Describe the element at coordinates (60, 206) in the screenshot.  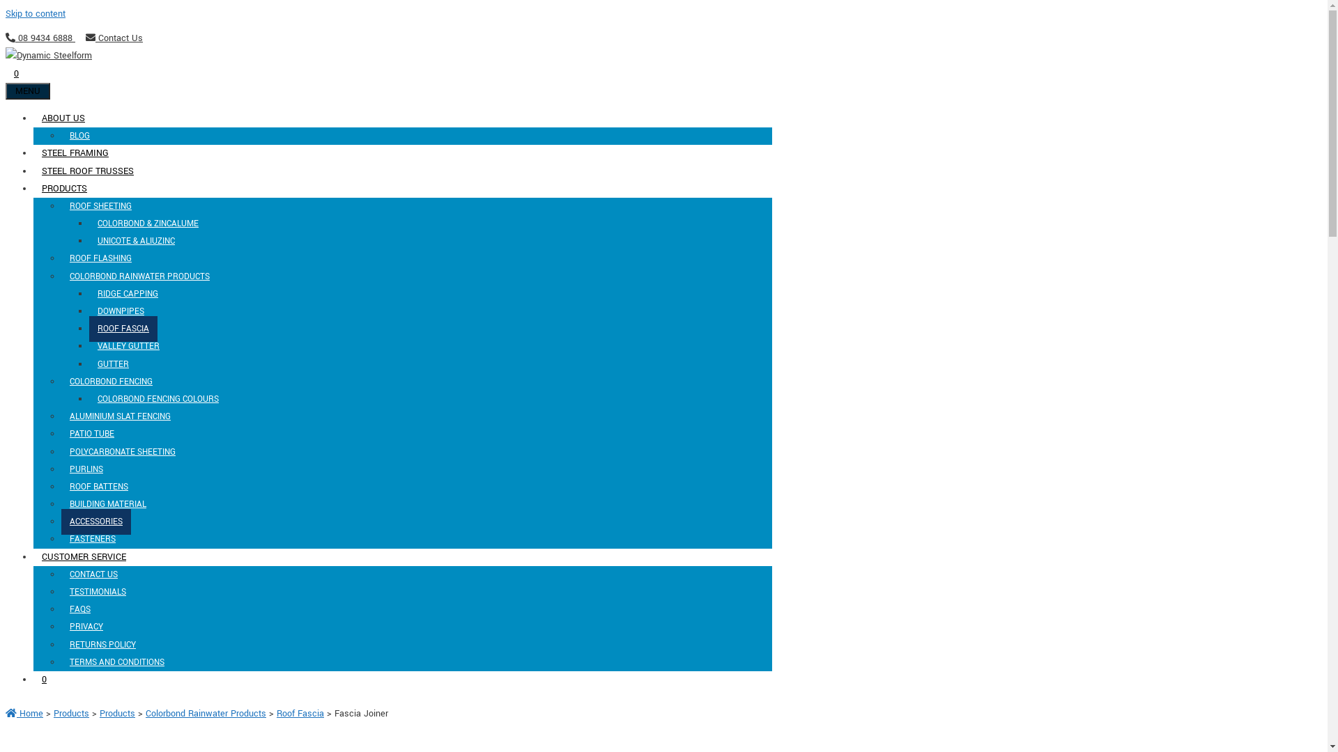
I see `'ROOF SHEETING'` at that location.